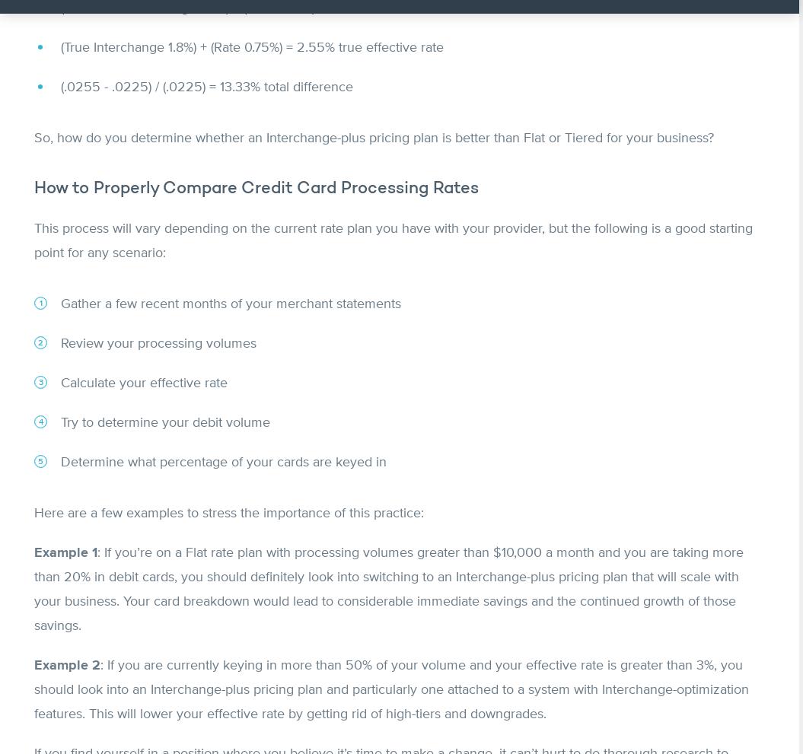  Describe the element at coordinates (285, 7) in the screenshot. I see `'(Estimated Interchange 1.5%) + (Rate 0.75%) = 2.25% estimated effective rate'` at that location.